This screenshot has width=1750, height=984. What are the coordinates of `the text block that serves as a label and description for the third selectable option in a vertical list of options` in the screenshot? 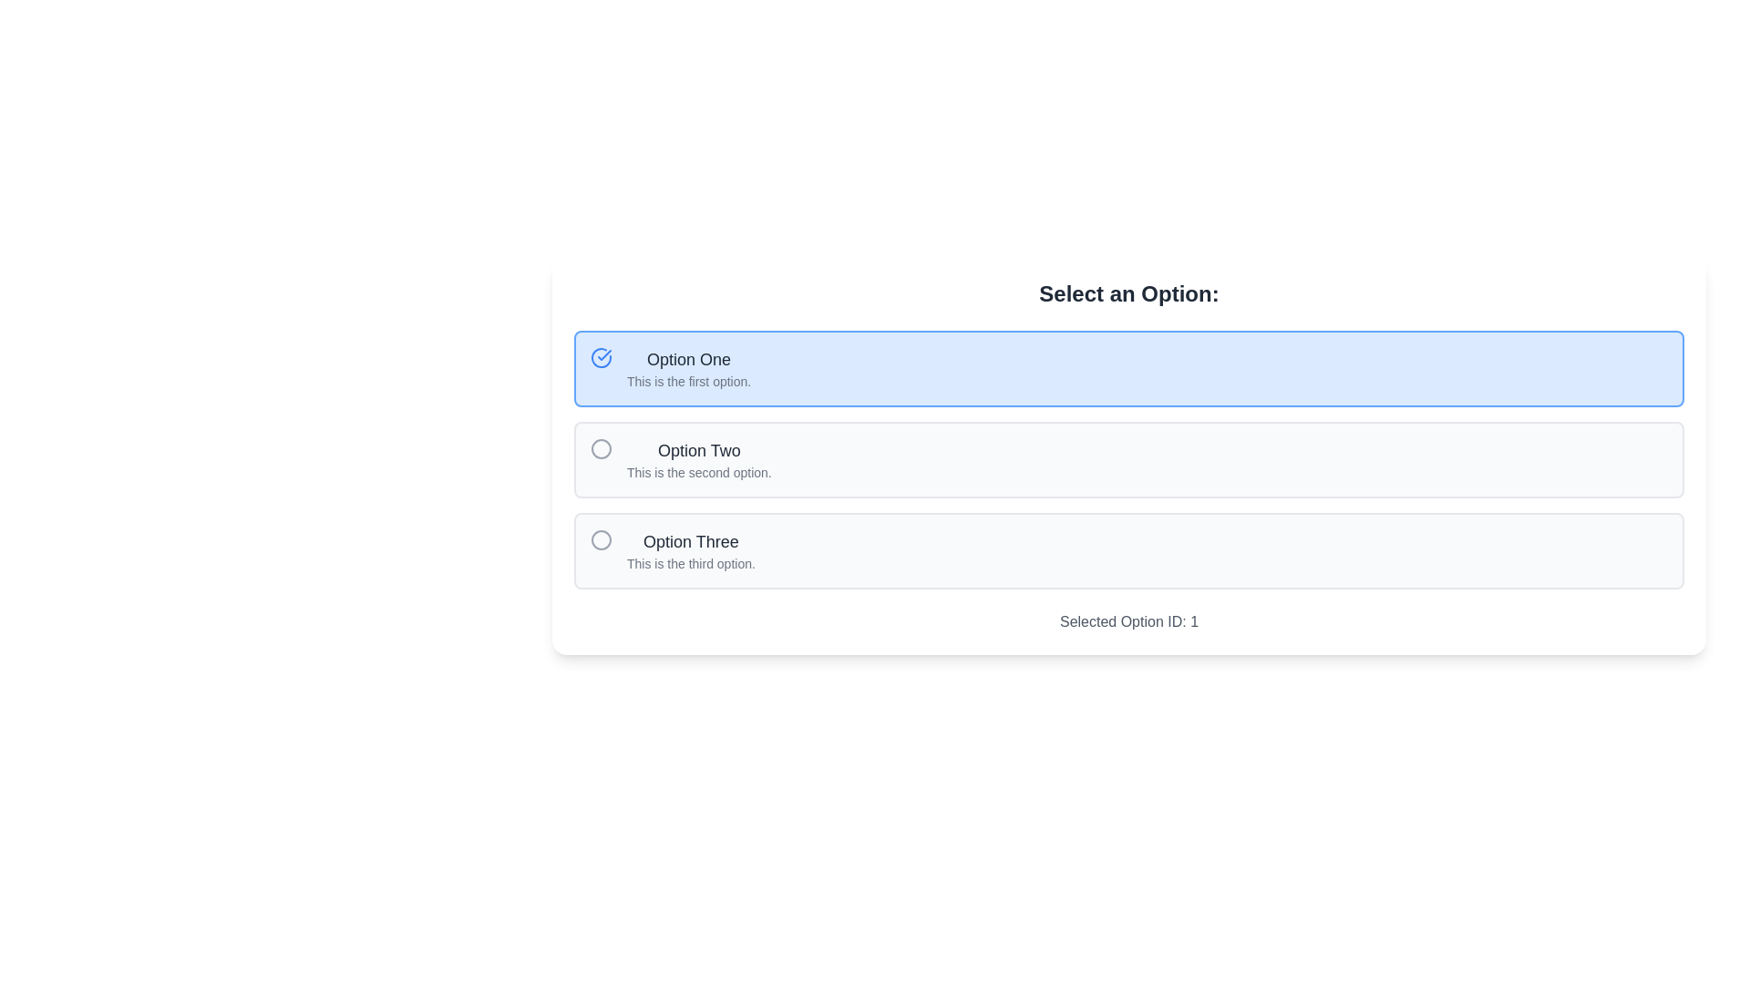 It's located at (690, 550).